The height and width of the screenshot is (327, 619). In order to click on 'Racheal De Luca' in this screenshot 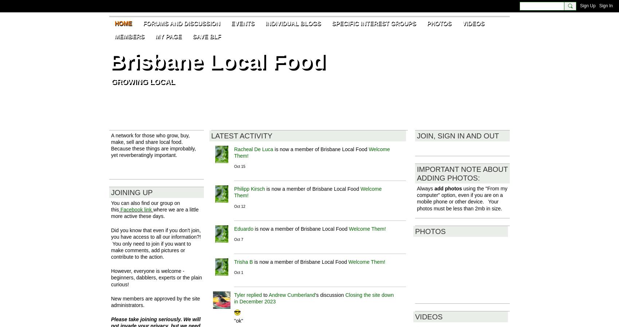, I will do `click(234, 149)`.